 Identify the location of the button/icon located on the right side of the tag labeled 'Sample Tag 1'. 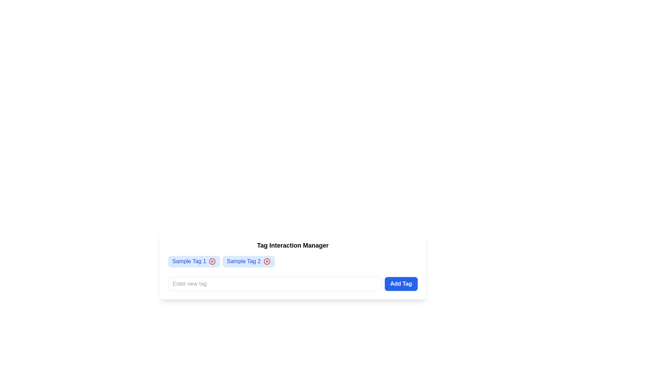
(212, 261).